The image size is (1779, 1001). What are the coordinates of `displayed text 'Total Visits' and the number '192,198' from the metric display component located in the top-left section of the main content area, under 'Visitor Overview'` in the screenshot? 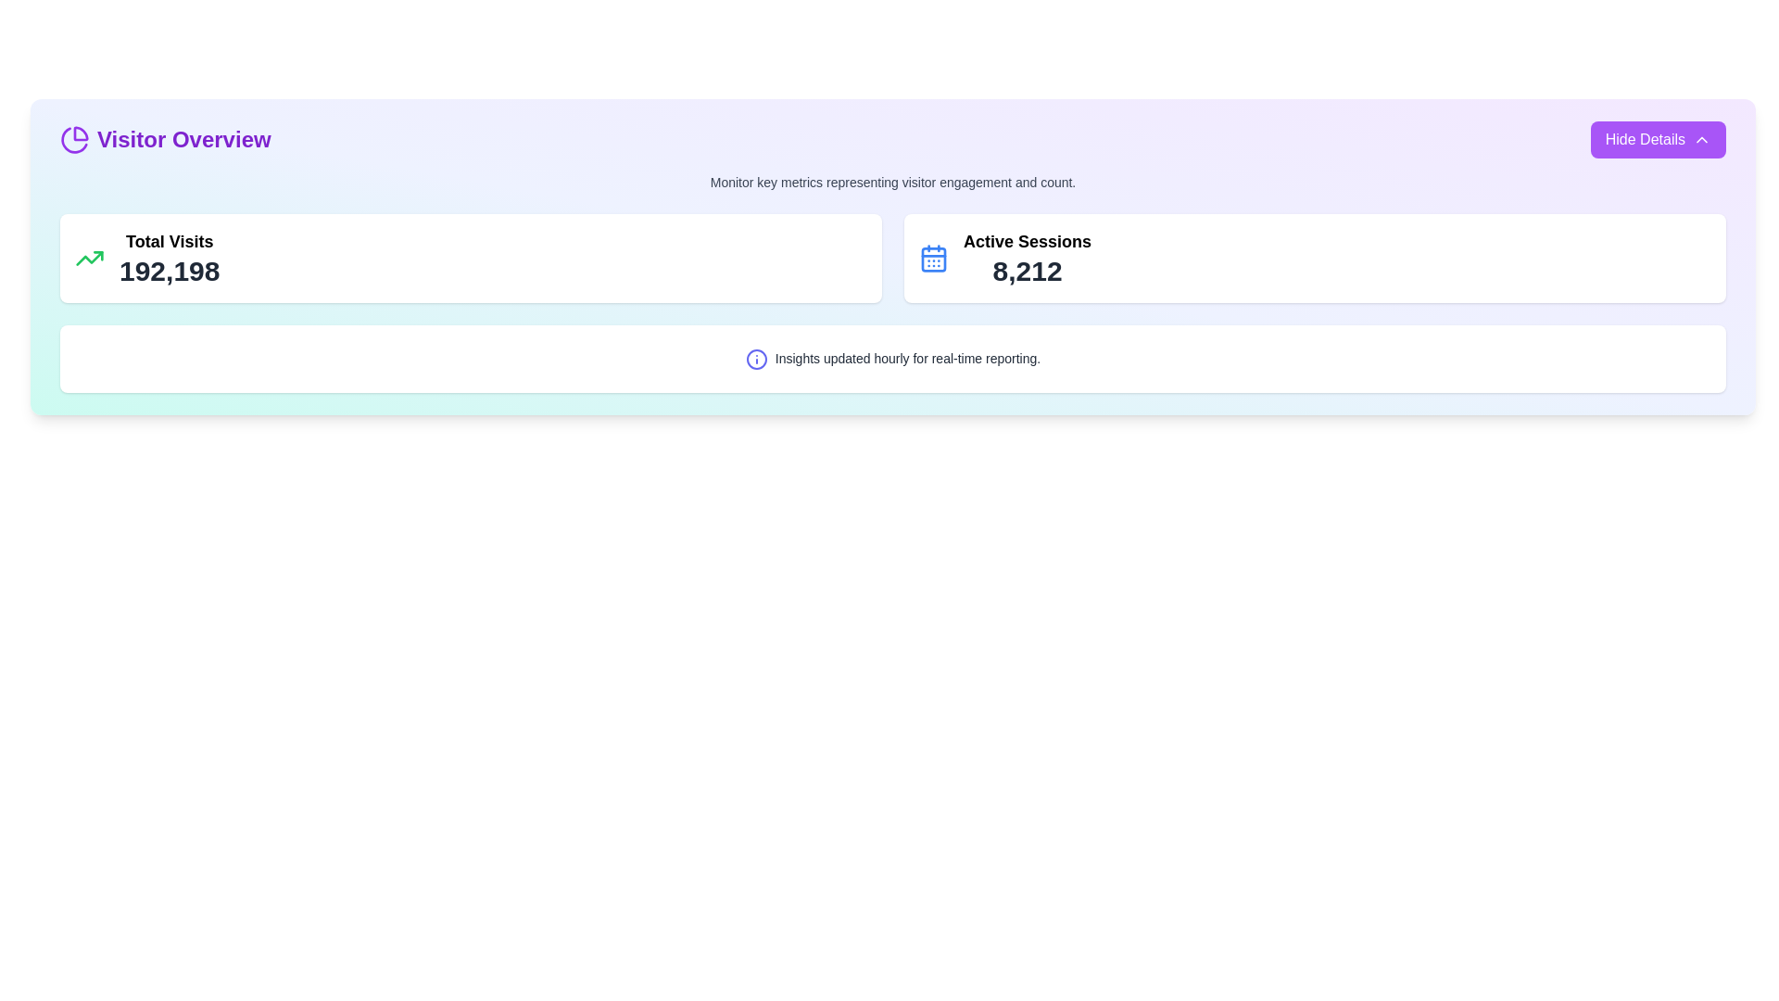 It's located at (170, 258).